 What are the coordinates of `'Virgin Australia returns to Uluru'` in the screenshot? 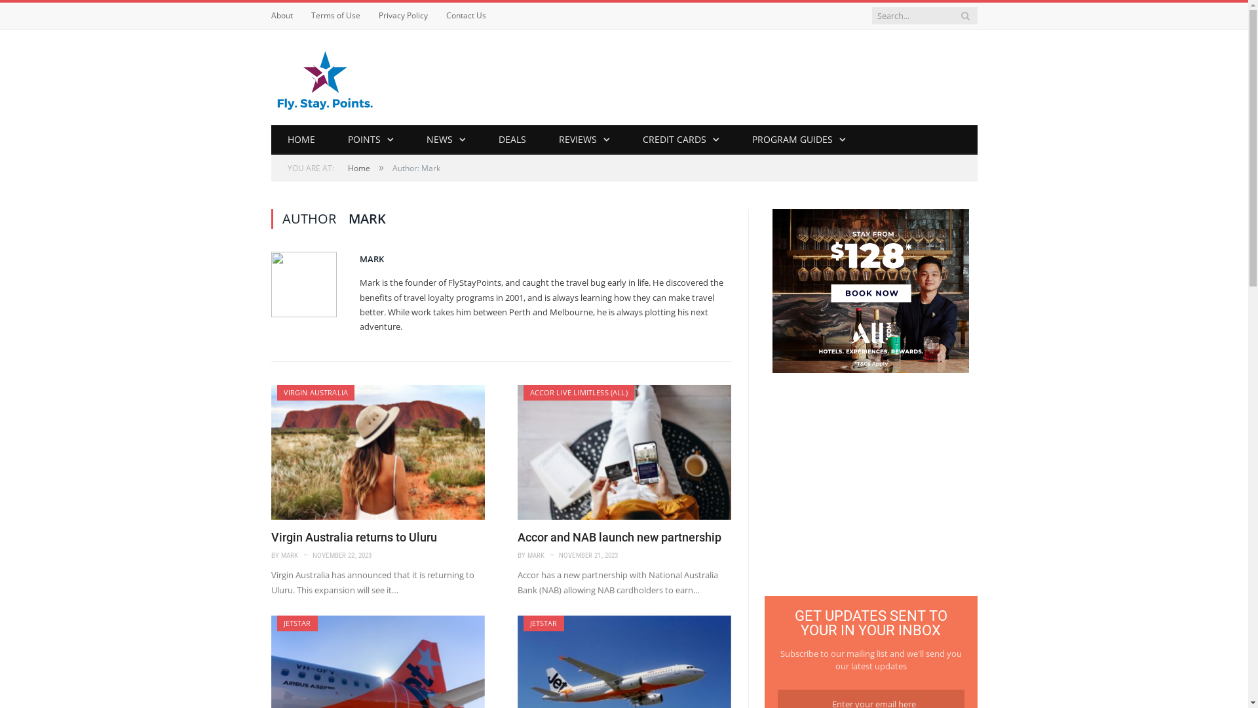 It's located at (377, 451).